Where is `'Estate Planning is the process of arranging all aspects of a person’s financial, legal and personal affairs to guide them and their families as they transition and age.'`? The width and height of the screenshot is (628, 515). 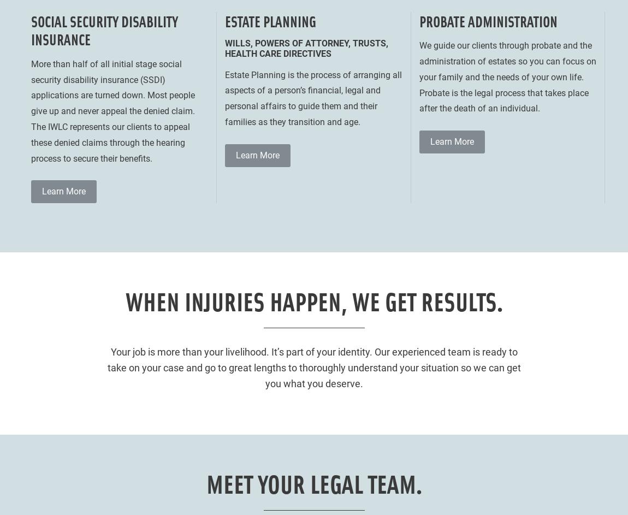
'Estate Planning is the process of arranging all aspects of a person’s financial, legal and personal affairs to guide them and their families as they transition and age.' is located at coordinates (225, 98).